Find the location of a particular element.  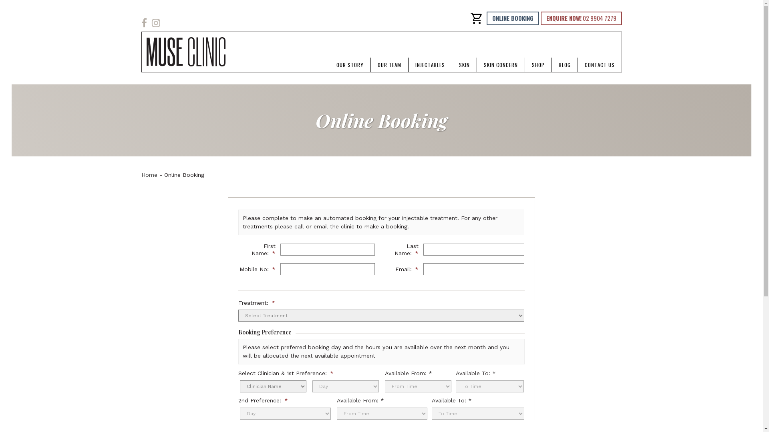

'OUR TEAM' is located at coordinates (389, 64).